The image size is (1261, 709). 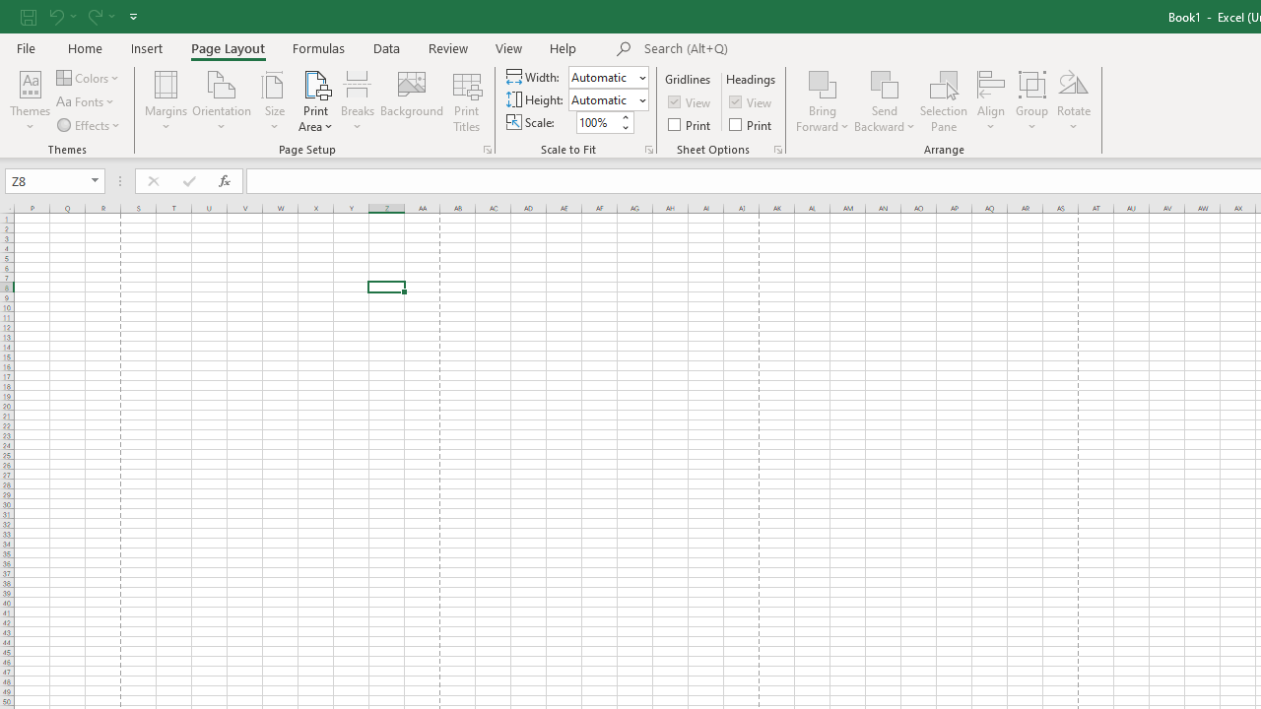 What do you see at coordinates (823, 83) in the screenshot?
I see `'Bring Forward'` at bounding box center [823, 83].